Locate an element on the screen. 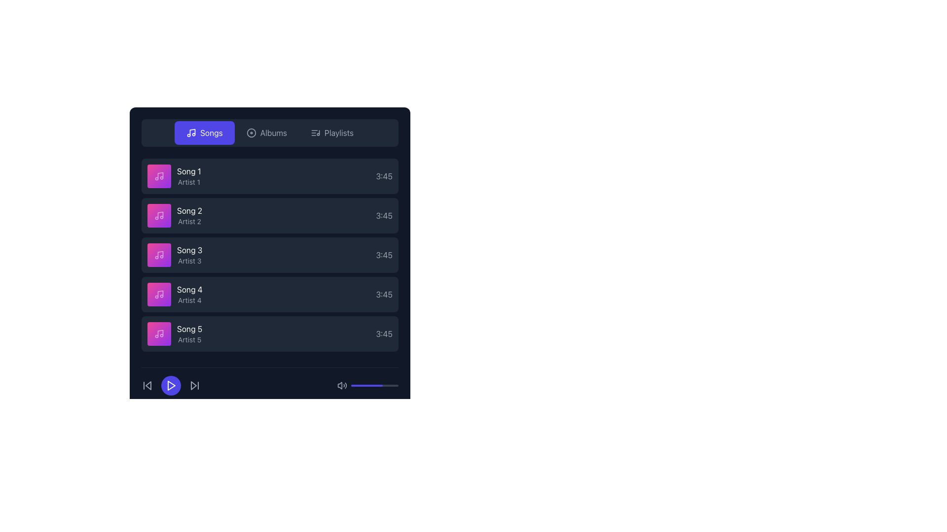 This screenshot has height=532, width=947. the volume is located at coordinates (396, 385).